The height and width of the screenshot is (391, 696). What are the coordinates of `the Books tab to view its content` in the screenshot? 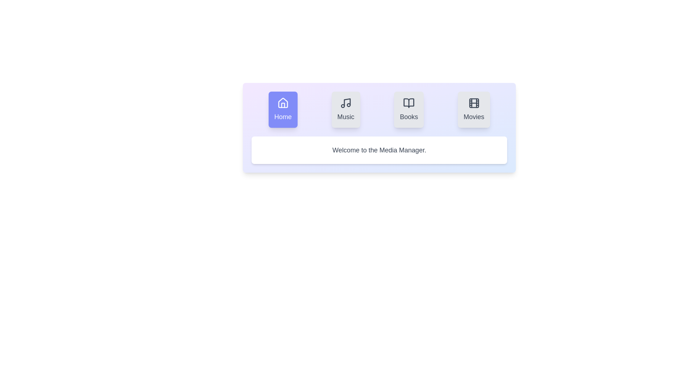 It's located at (409, 110).